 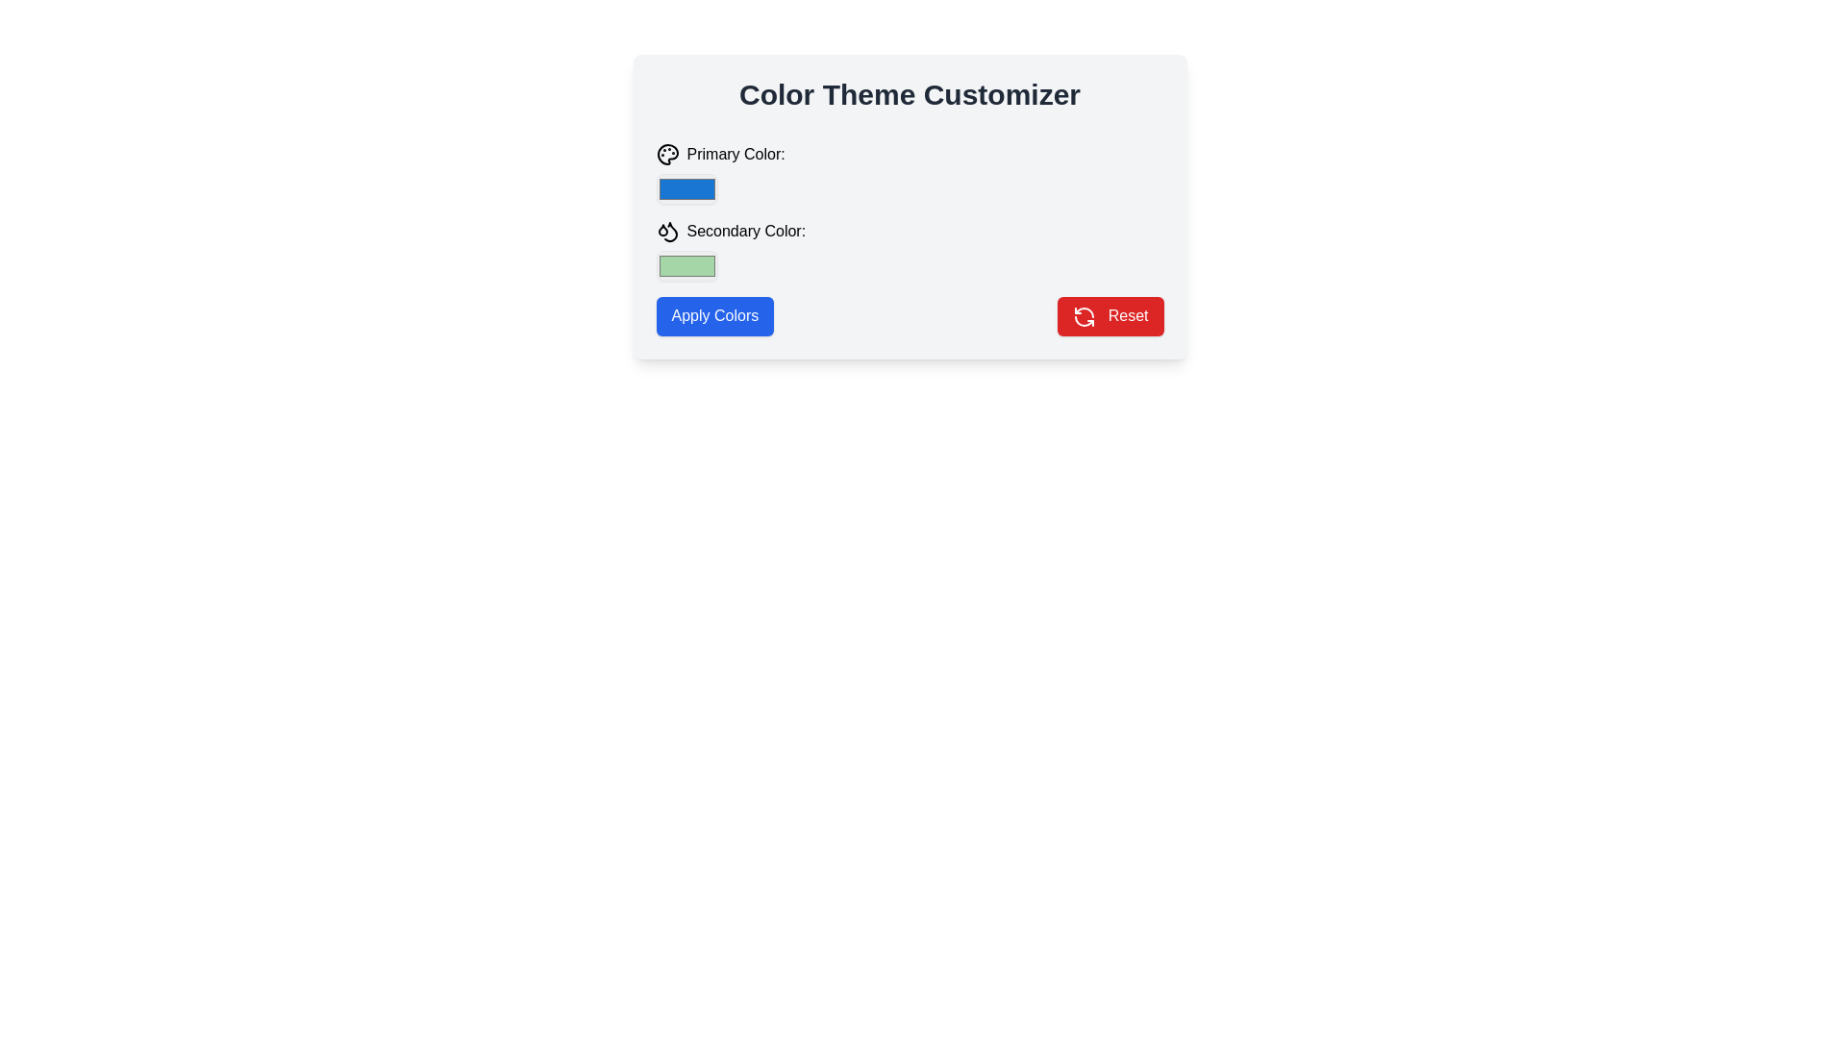 I want to click on the SVG Icon resembling droplets, located to the left of the text 'Secondary Color' in the color customization interface, slightly above the color selection box, so click(x=667, y=230).